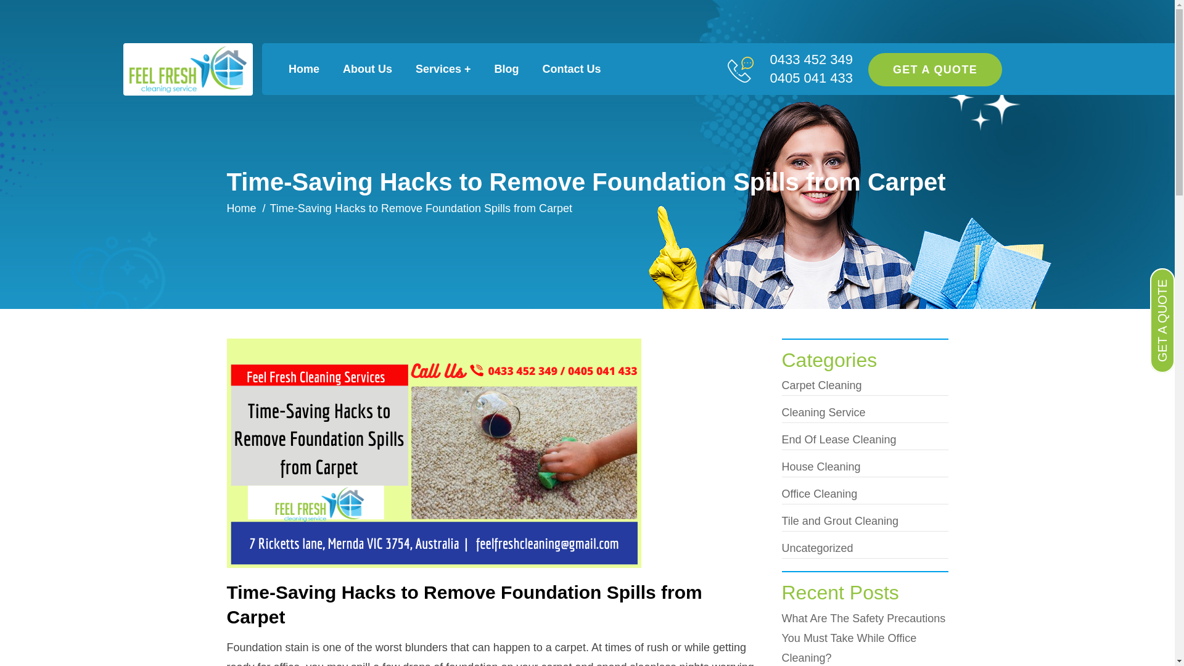 The width and height of the screenshot is (1184, 666). I want to click on 'Office Cleaning', so click(781, 493).